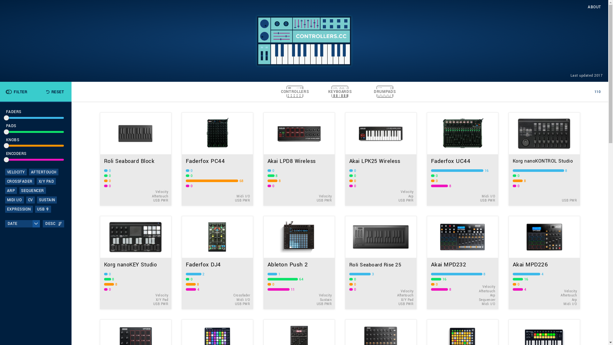  I want to click on 'ABOUT', so click(594, 7).